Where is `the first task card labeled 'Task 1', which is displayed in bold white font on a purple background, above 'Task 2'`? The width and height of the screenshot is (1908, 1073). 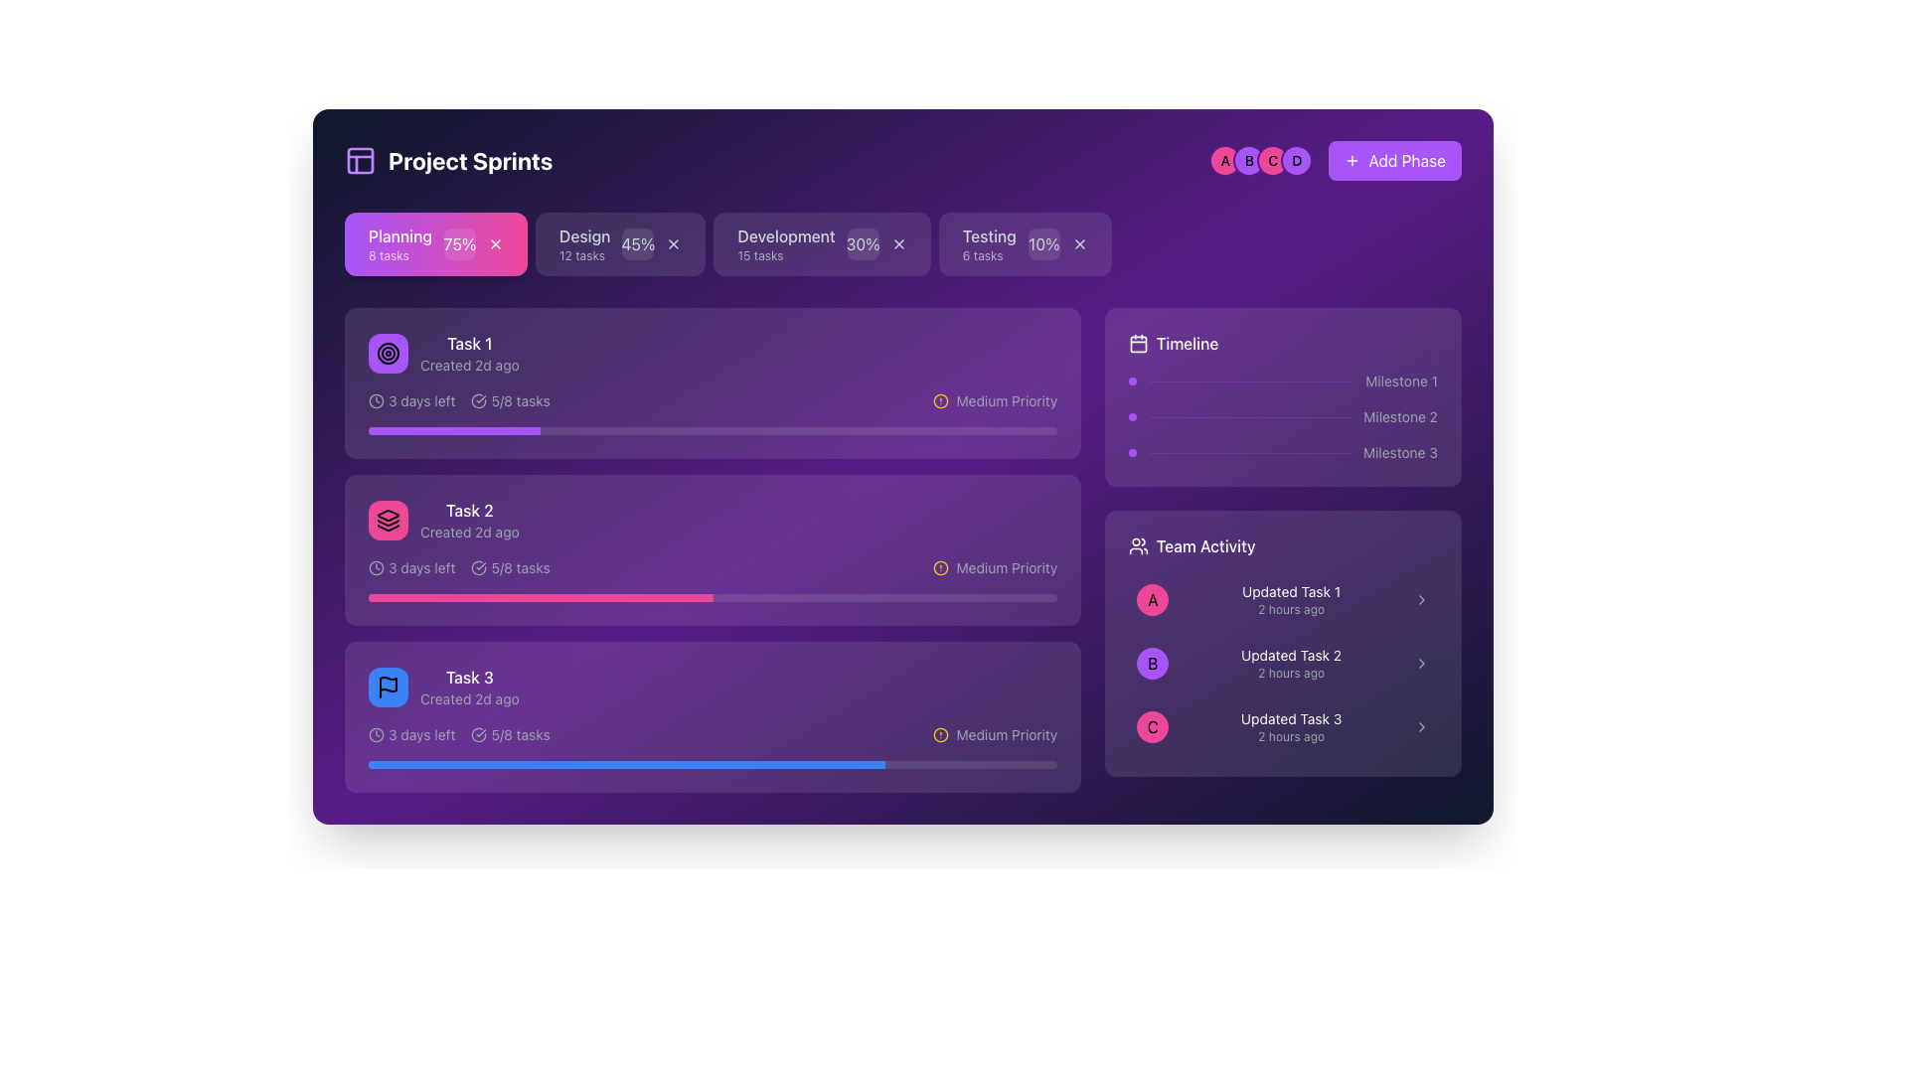
the first task card labeled 'Task 1', which is displayed in bold white font on a purple background, above 'Task 2' is located at coordinates (468, 352).